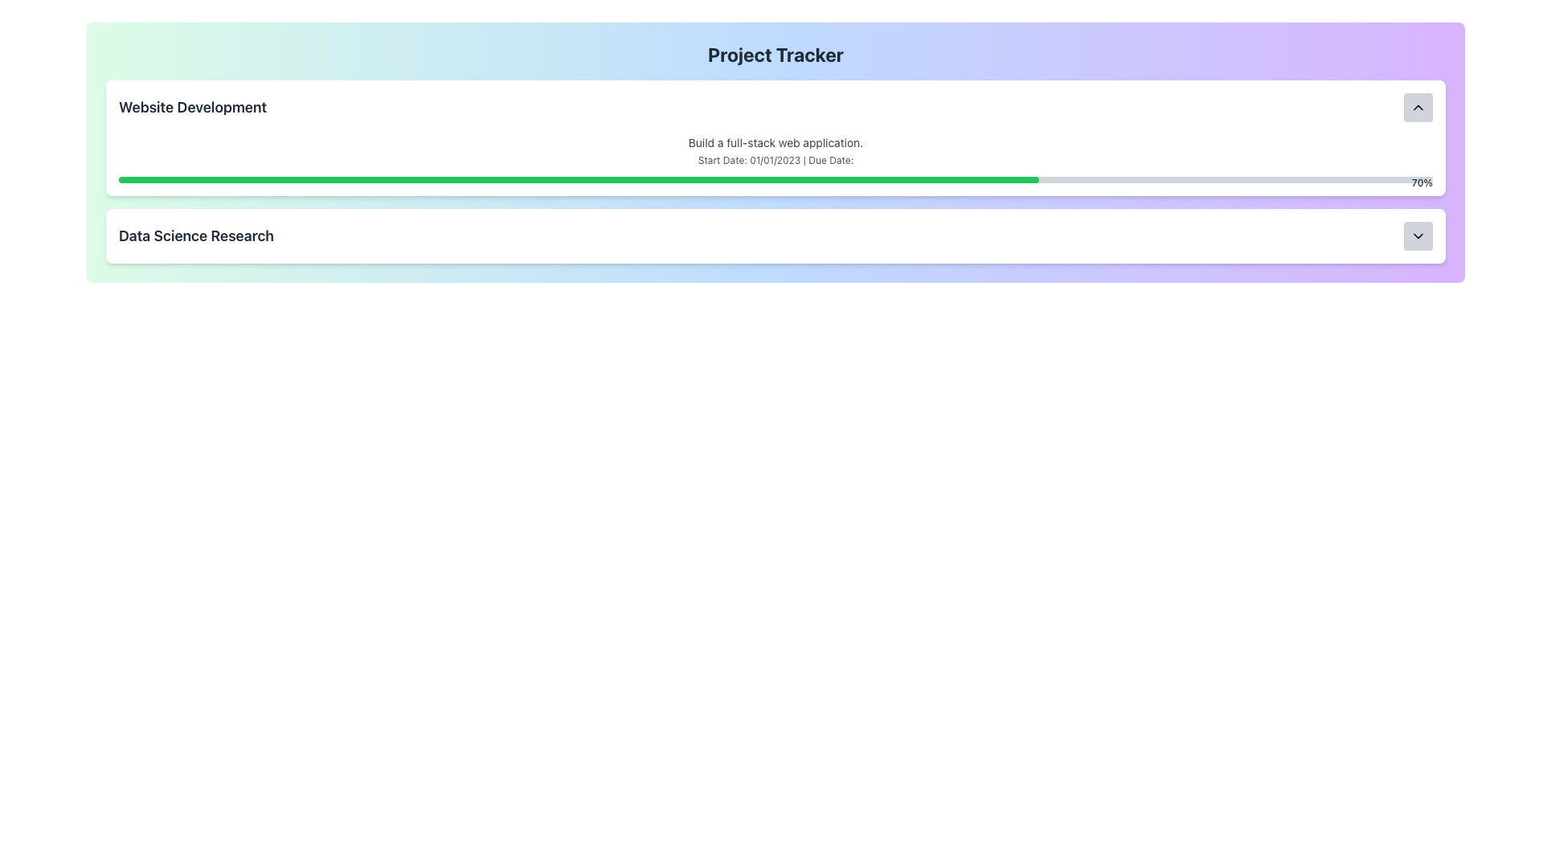 The width and height of the screenshot is (1543, 868). I want to click on the small, square button with a light gray background and rounded corners, located in the bottom-right corner of the 'Data Science Research' box, to trigger hover effects, so click(1418, 235).